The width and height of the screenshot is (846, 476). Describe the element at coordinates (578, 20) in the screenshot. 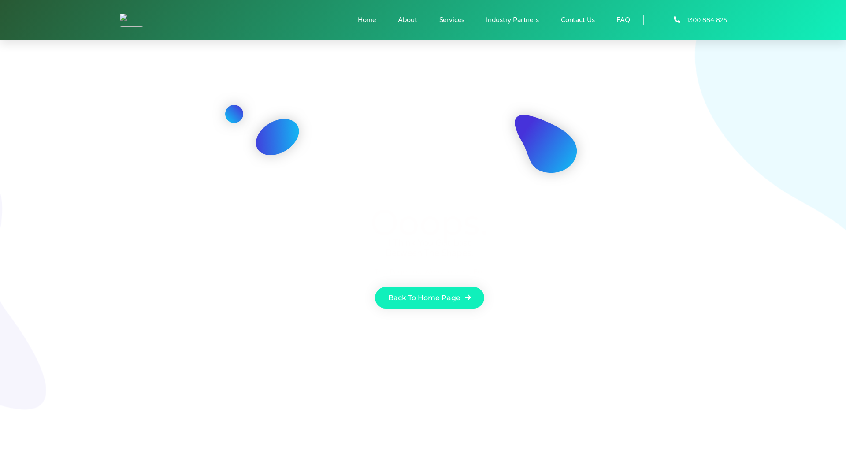

I see `'Contact Us'` at that location.